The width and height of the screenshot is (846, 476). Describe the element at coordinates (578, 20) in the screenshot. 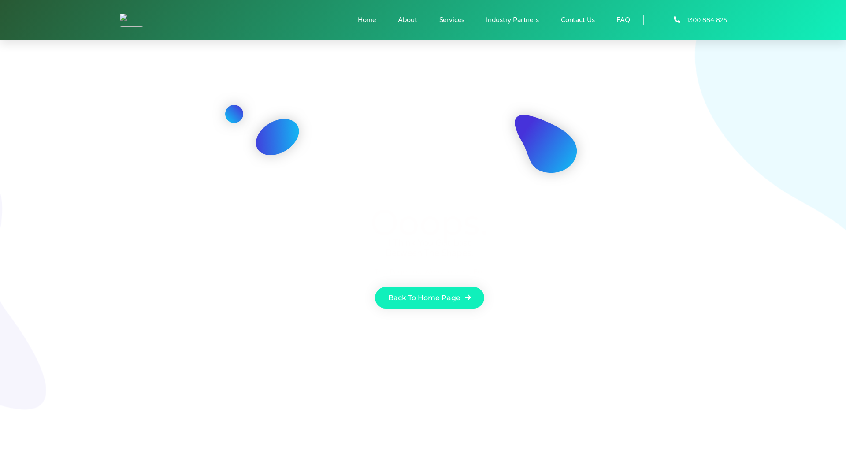

I see `'Contact Us'` at that location.